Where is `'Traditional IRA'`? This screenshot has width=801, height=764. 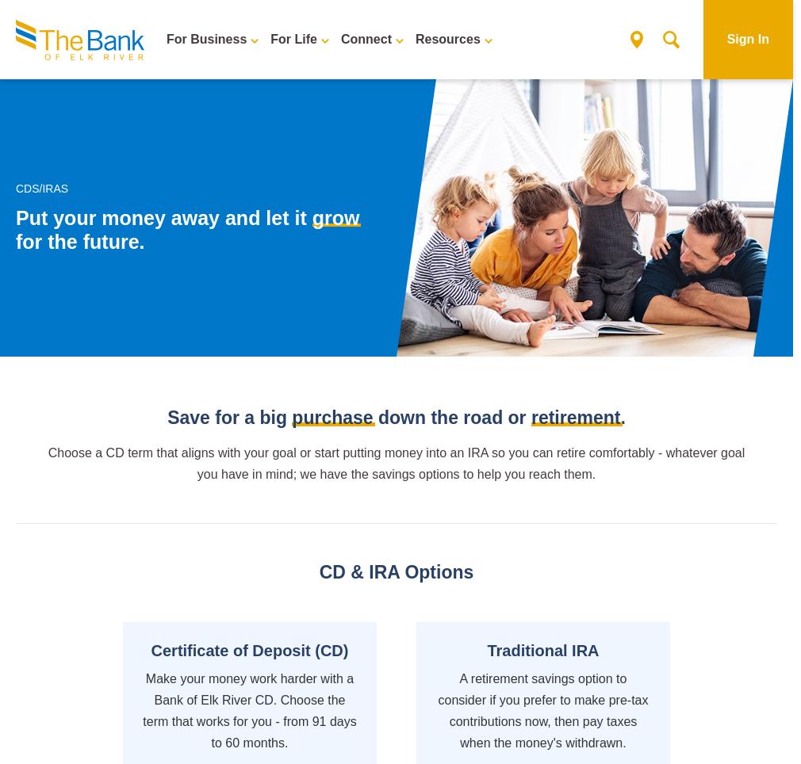 'Traditional IRA' is located at coordinates (542, 648).